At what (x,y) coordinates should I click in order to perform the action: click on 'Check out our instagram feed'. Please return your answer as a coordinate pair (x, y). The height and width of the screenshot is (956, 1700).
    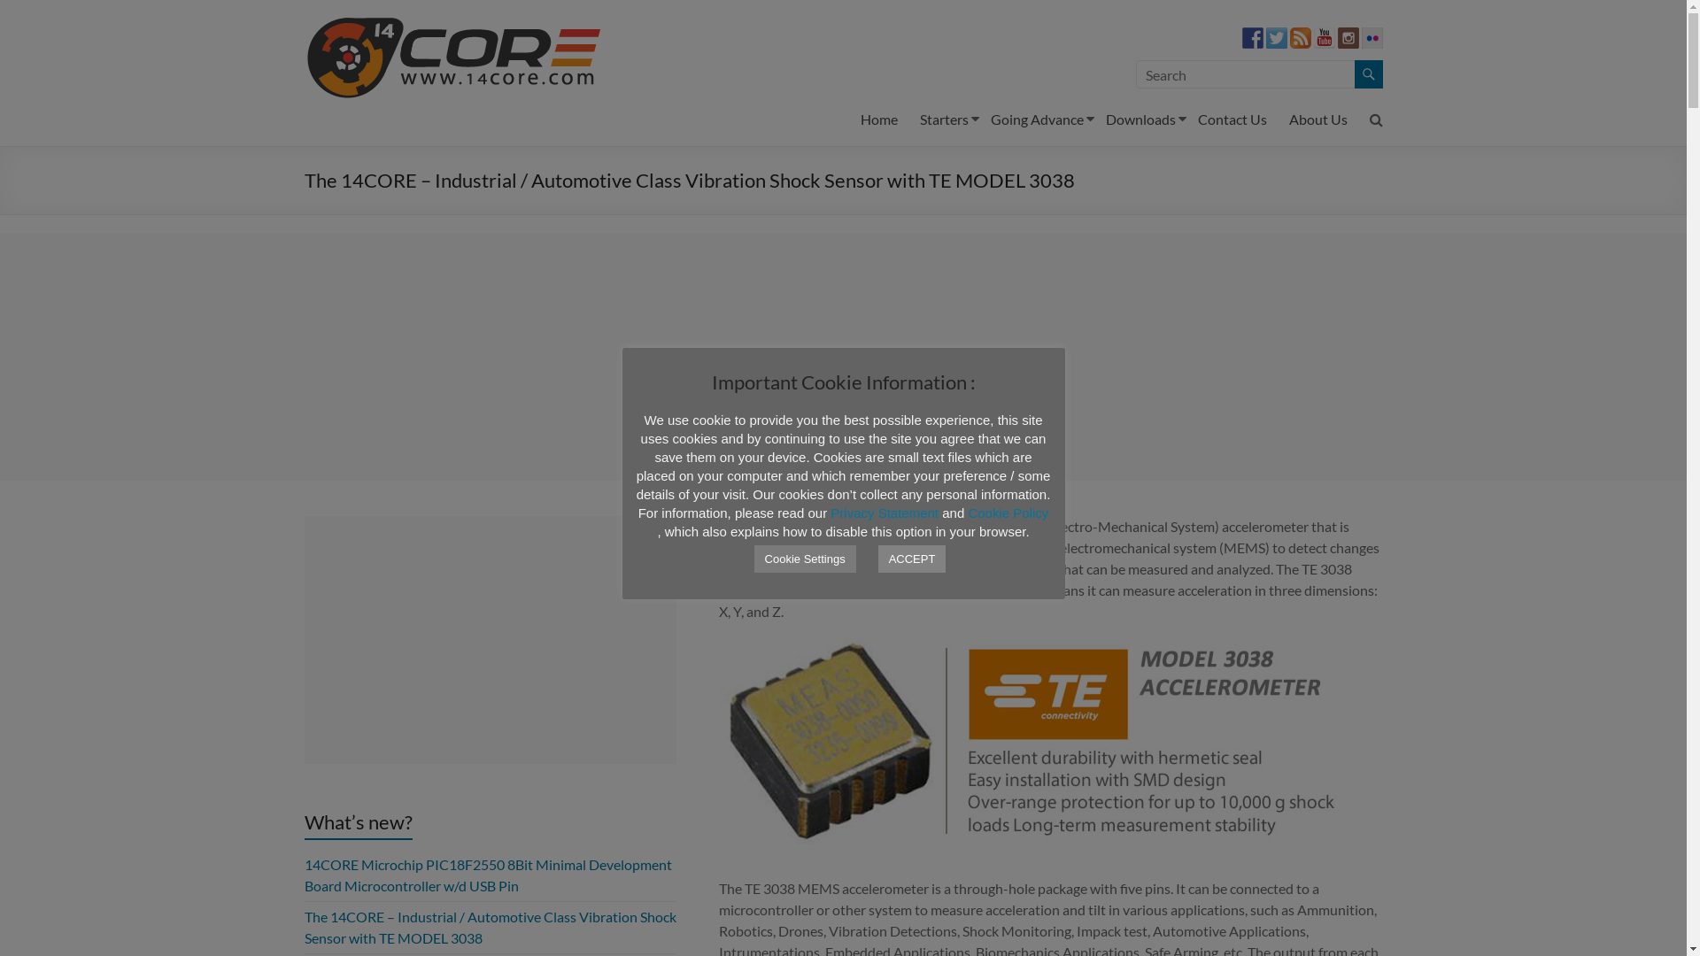
    Looking at the image, I should click on (1346, 37).